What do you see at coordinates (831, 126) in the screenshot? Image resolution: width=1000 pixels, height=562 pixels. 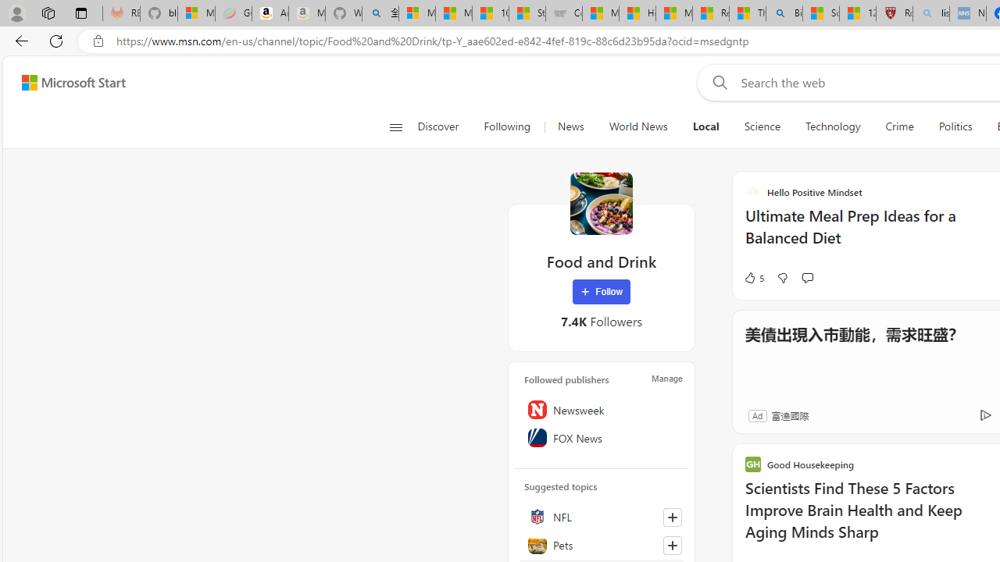 I see `'Technology'` at bounding box center [831, 126].